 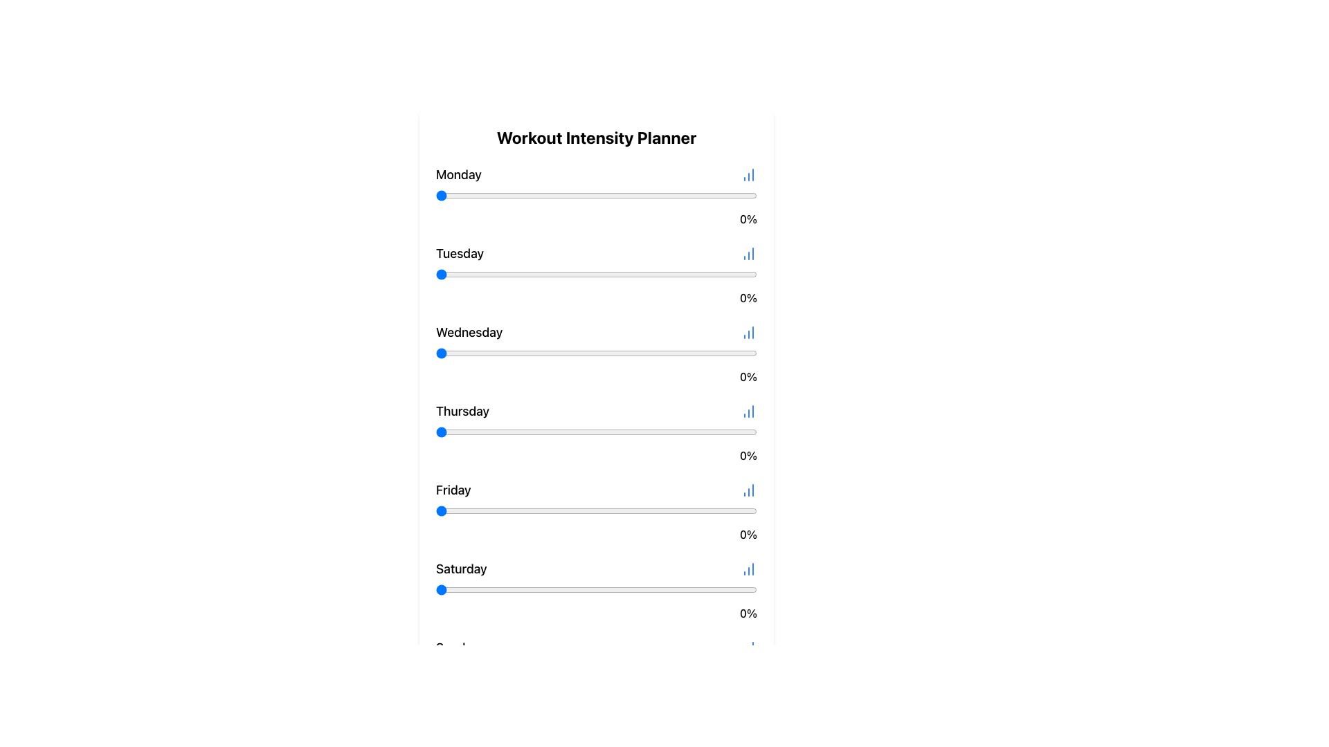 What do you see at coordinates (471, 195) in the screenshot?
I see `Monday's intensity` at bounding box center [471, 195].